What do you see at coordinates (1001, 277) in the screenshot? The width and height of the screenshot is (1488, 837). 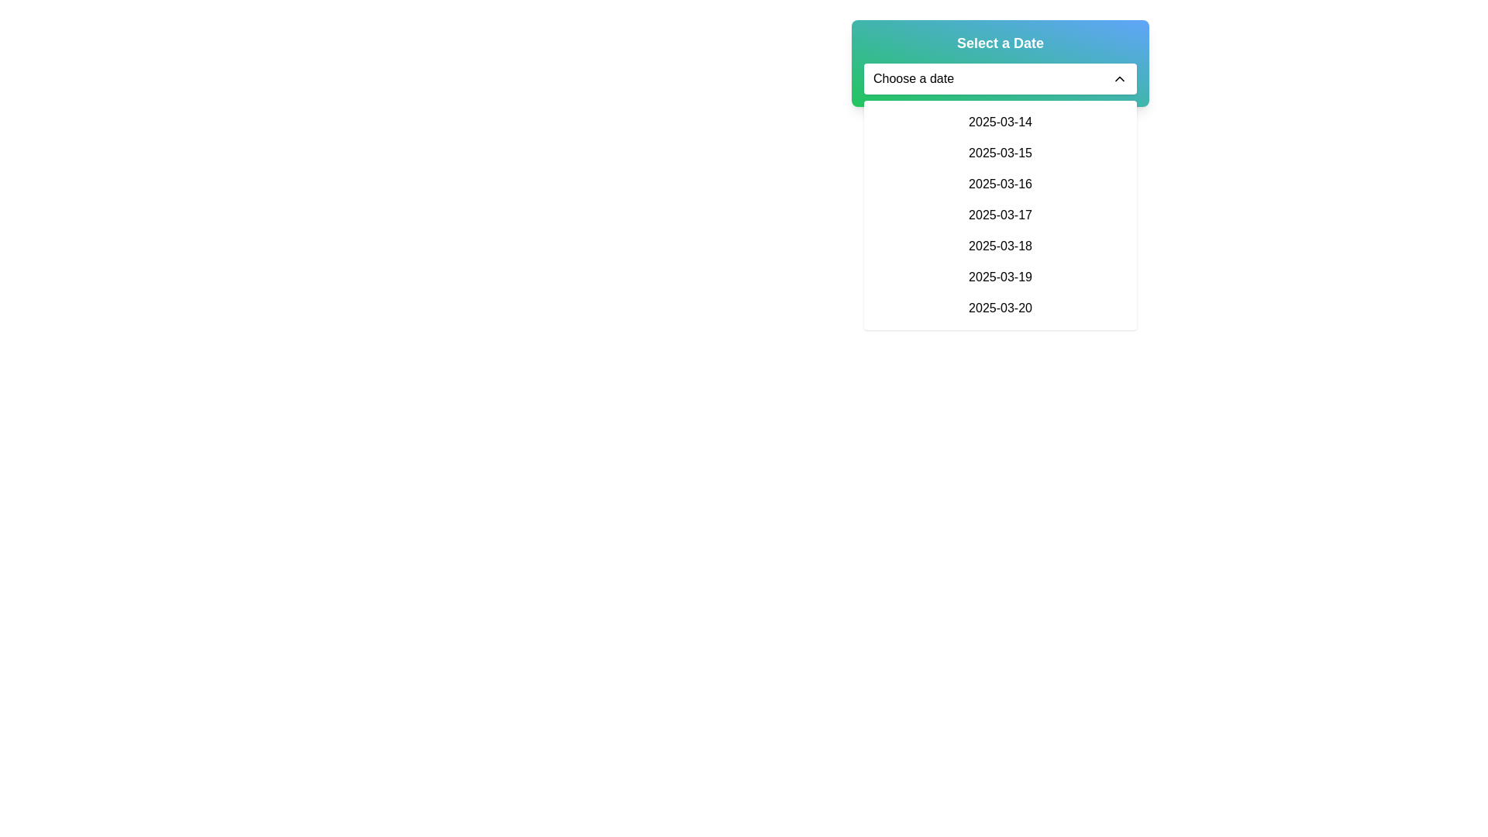 I see `the sixth selectable date option in the dropdown menu labeled 'Select a Date', which is positioned between '2025-03-18' and '2025-03-20'` at bounding box center [1001, 277].